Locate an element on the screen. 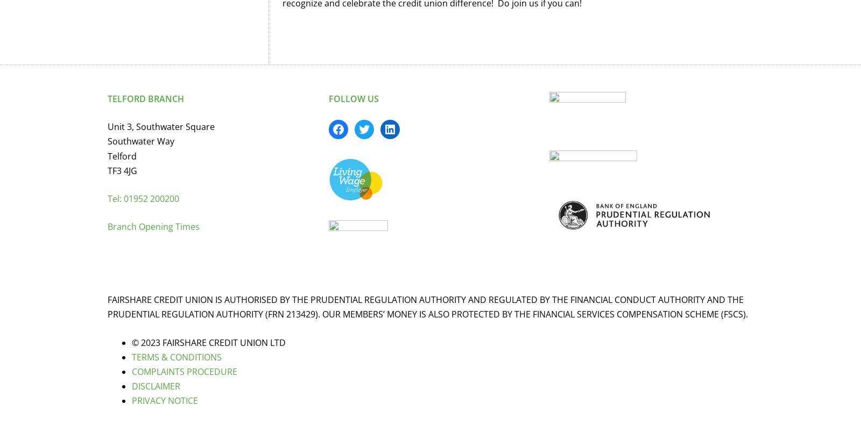 The width and height of the screenshot is (861, 448). '© 2023 FAIRSHARE CREDIT UNION LTD' is located at coordinates (209, 342).